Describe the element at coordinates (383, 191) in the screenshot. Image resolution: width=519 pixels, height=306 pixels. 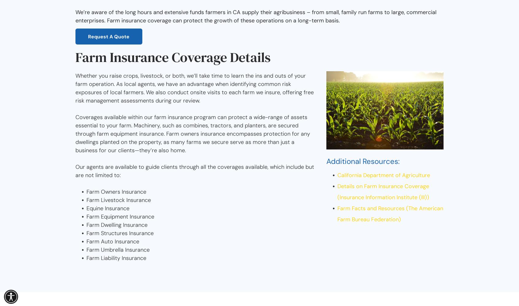
I see `'Details on Farm Insurance Coverage (Insurance Information Institute (III))'` at that location.